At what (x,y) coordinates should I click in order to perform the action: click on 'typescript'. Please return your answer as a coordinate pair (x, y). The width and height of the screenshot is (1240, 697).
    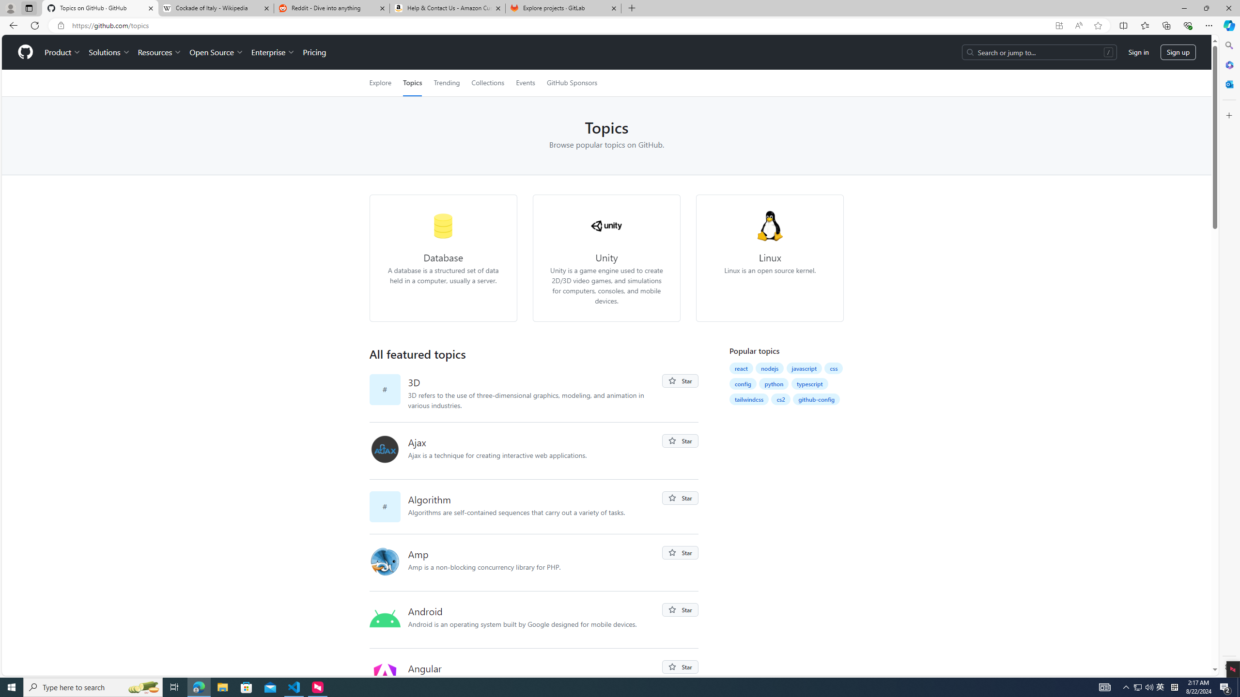
    Looking at the image, I should click on (809, 383).